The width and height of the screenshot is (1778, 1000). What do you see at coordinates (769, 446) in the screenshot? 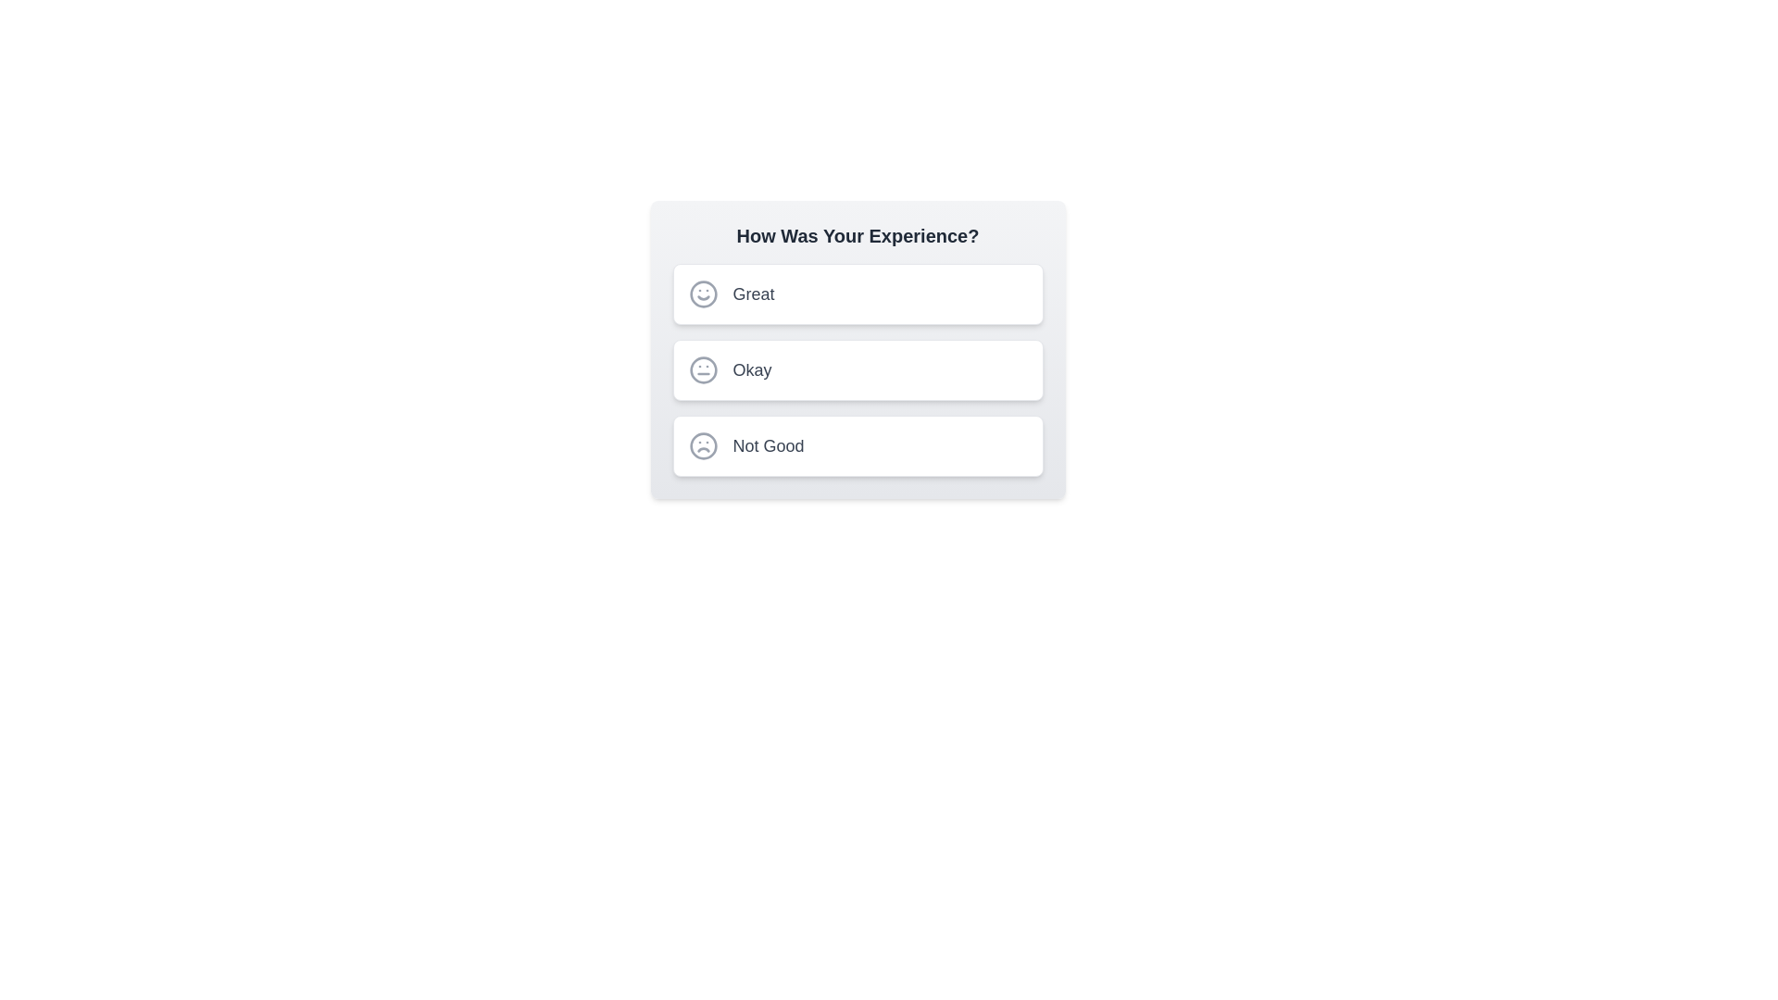
I see `the text label indicating a negative choice in the user feedback section located between the 'Okay' option and empty space in the vertical list of three options` at bounding box center [769, 446].